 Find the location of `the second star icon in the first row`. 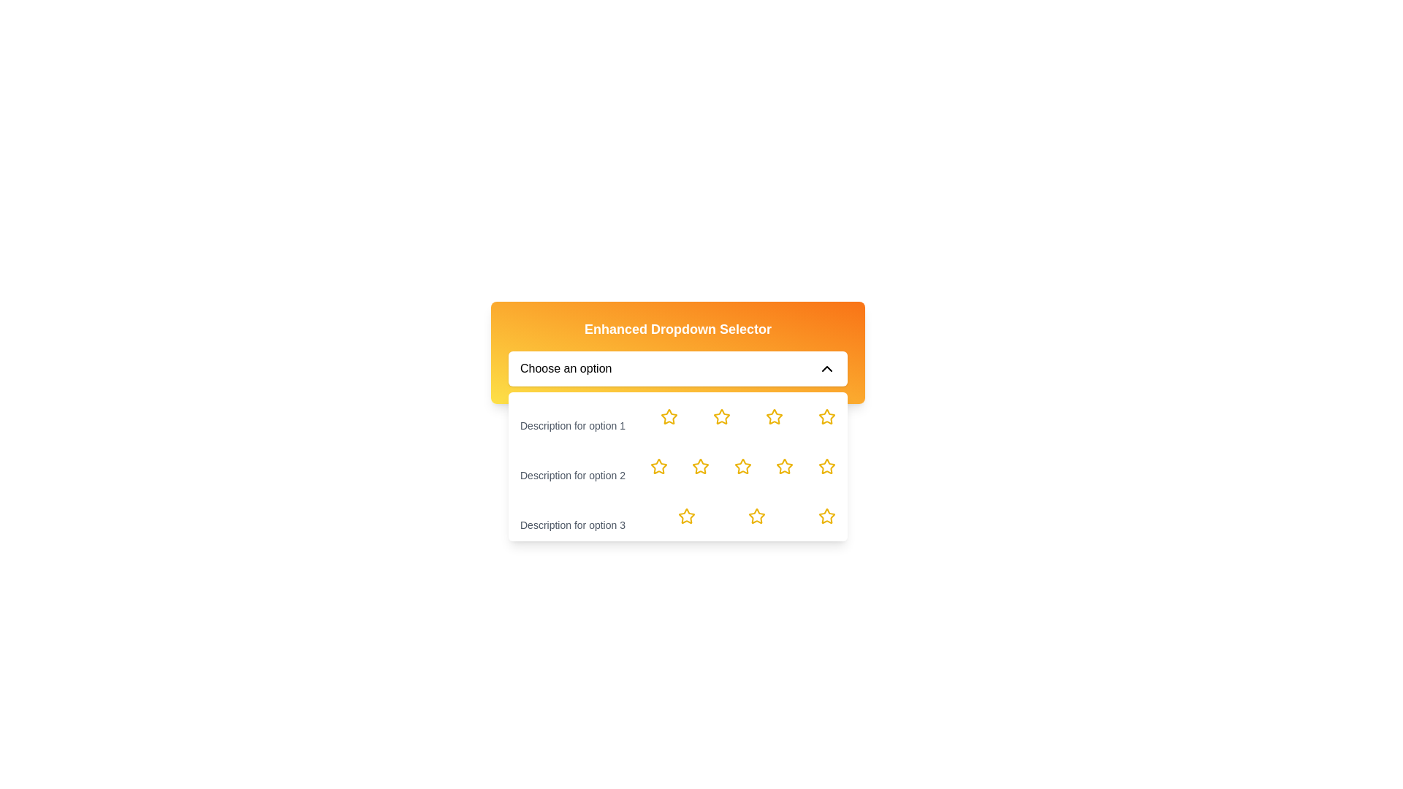

the second star icon in the first row is located at coordinates (722, 416).